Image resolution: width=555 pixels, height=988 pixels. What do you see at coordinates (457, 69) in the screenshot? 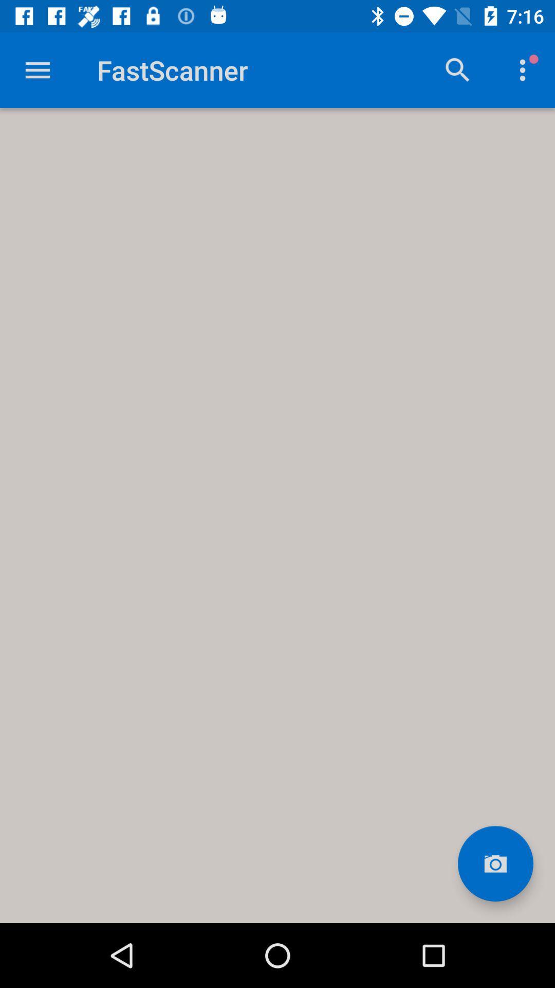
I see `open search box` at bounding box center [457, 69].